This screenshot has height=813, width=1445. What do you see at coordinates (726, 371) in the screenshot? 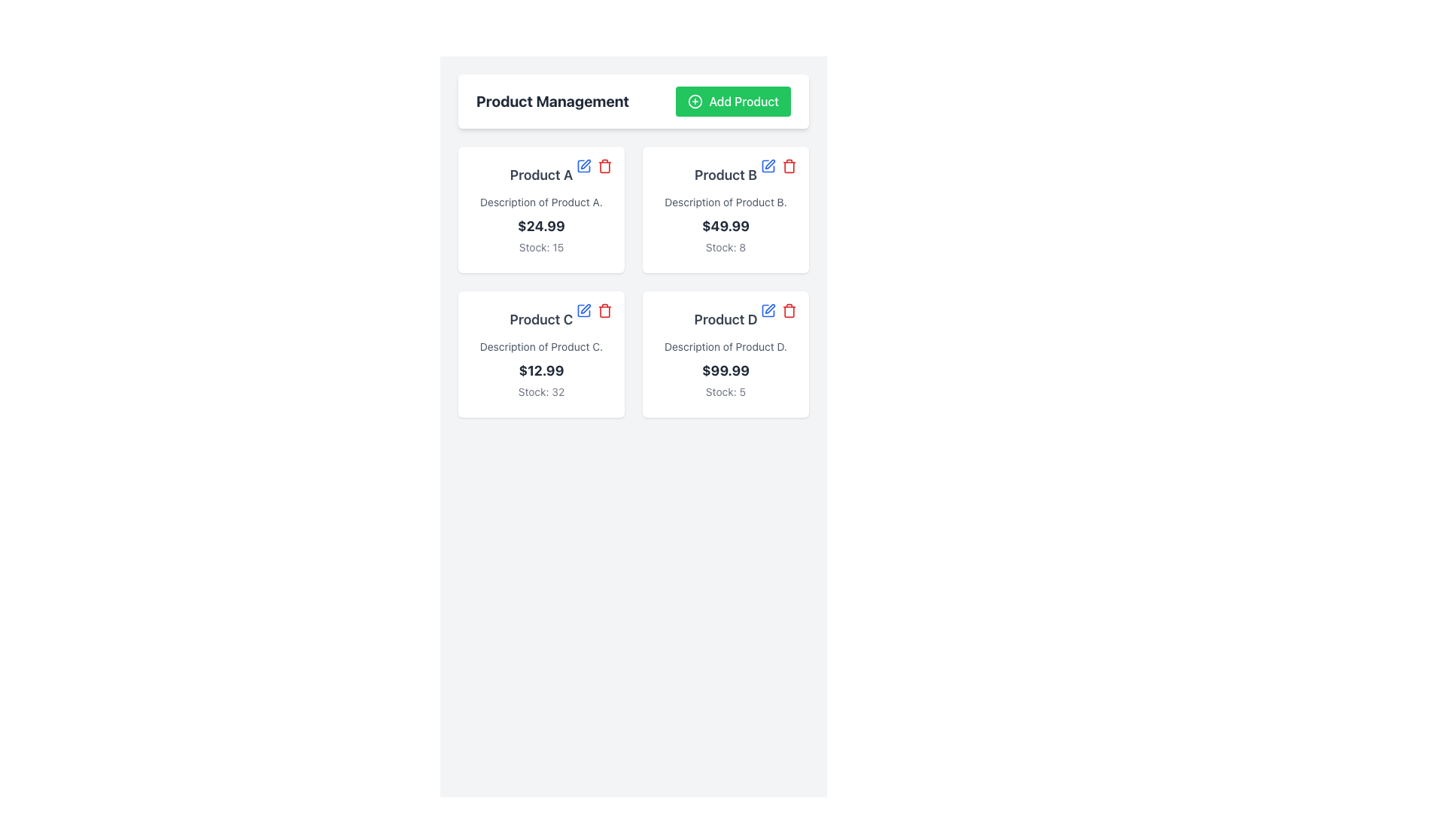
I see `price text label located in the fourth product card, beneath 'Description of Product D.' and above 'Stock: 5.'` at bounding box center [726, 371].